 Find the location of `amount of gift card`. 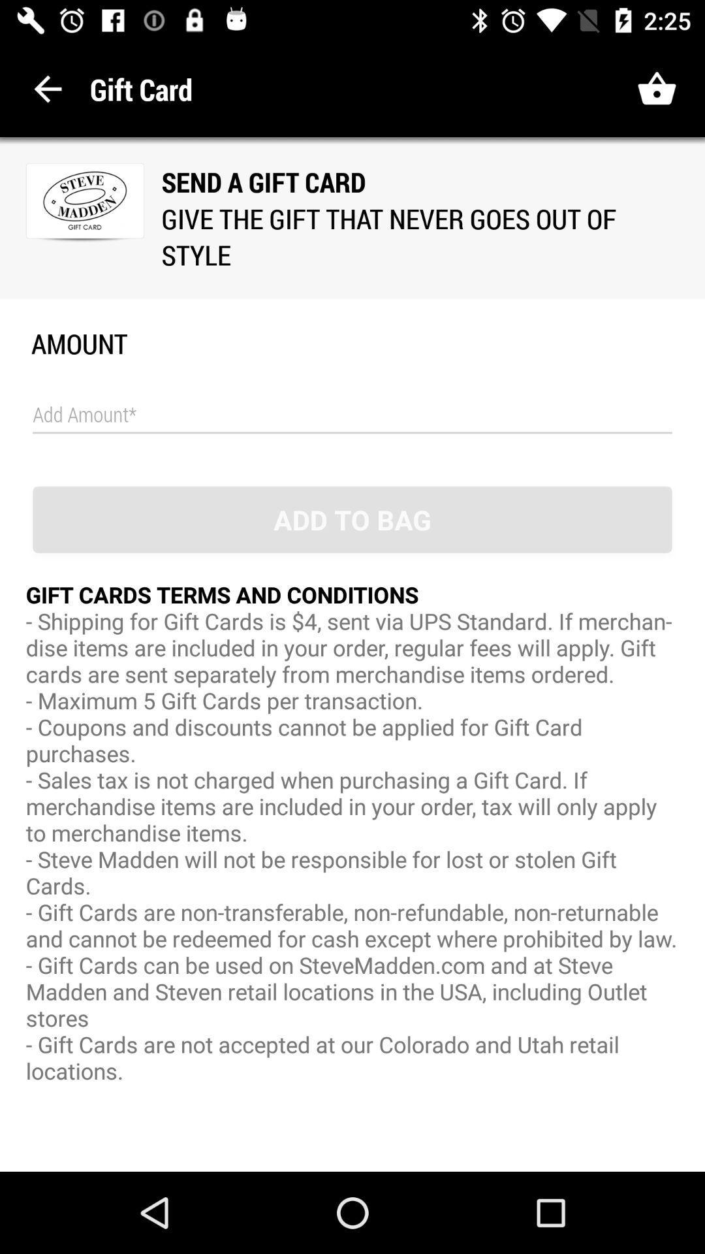

amount of gift card is located at coordinates (352, 414).